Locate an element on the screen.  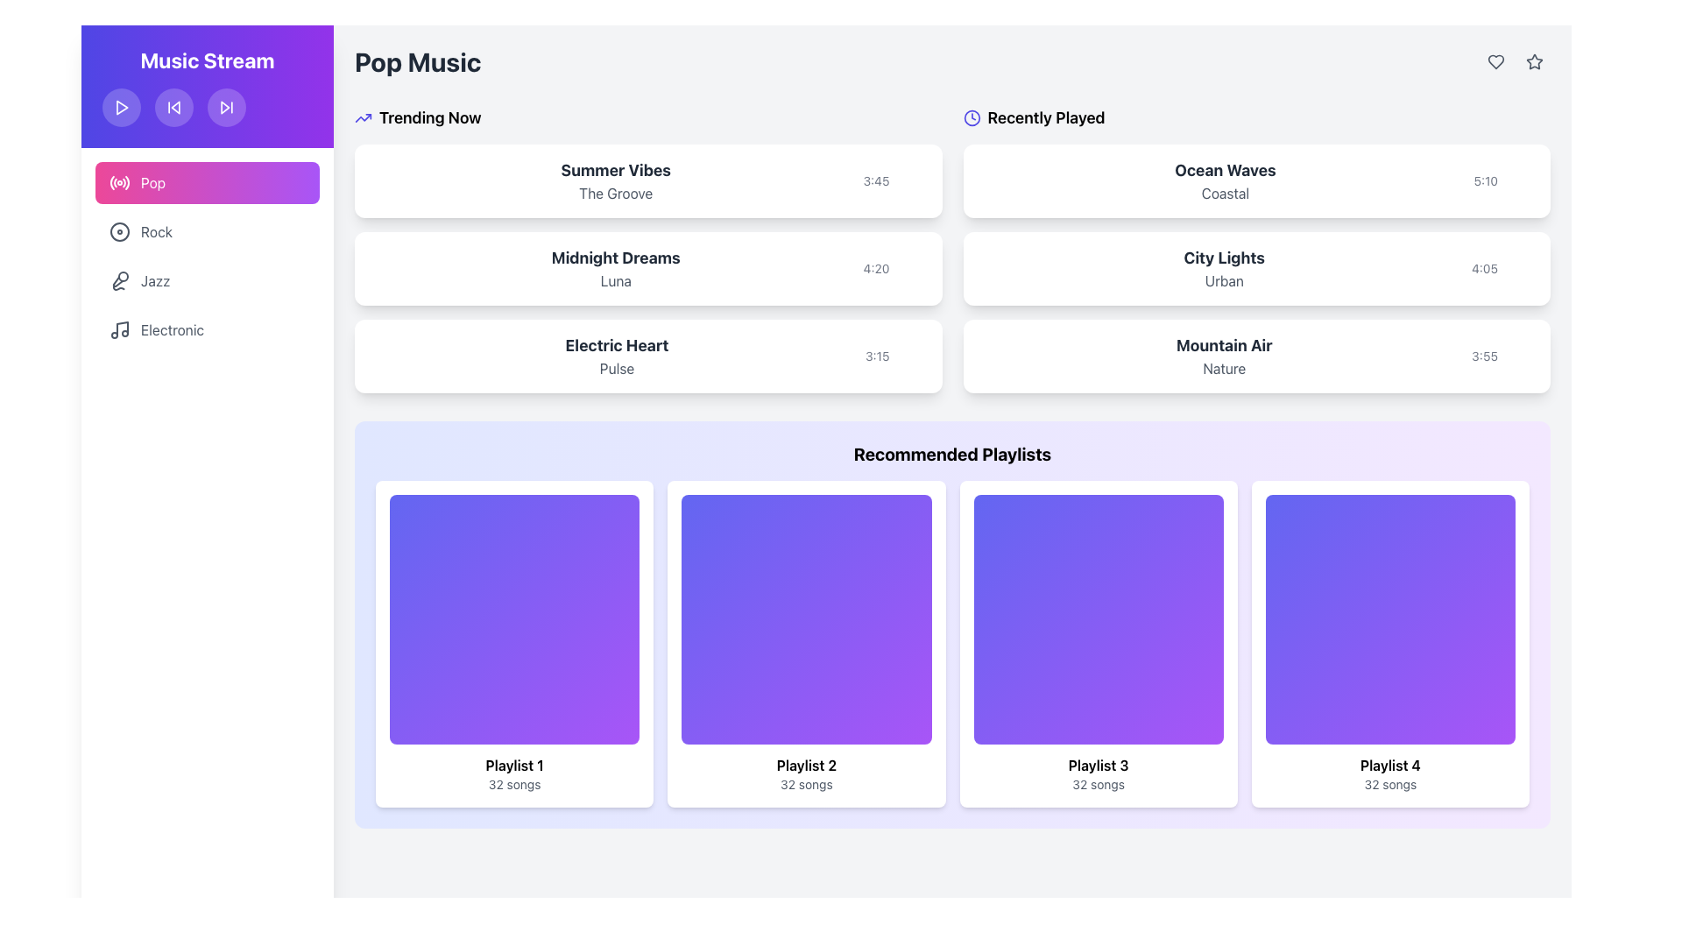
the Interactive Card titled 'Playlist 4', which is the fourth card in the 'Recommended Playlists' section is located at coordinates (1389, 644).